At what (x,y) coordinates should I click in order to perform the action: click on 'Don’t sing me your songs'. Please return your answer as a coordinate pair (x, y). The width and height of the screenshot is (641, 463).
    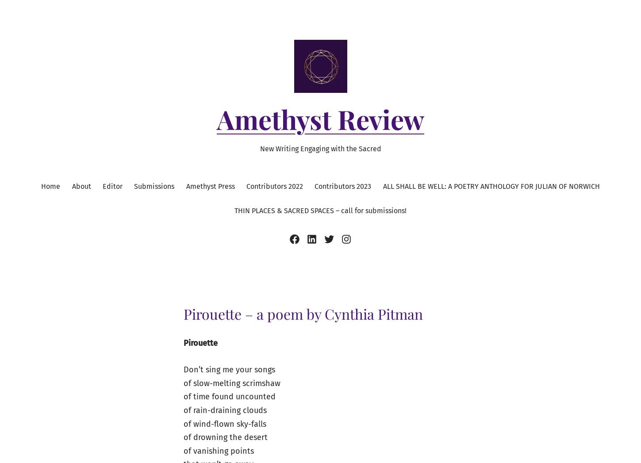
    Looking at the image, I should click on (229, 370).